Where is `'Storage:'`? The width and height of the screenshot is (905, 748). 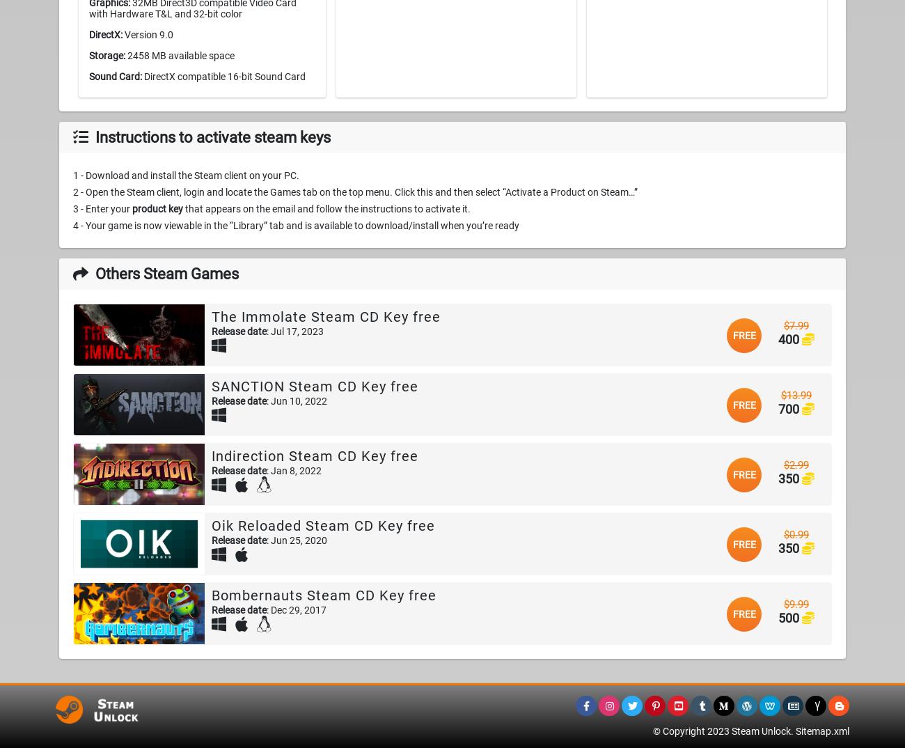
'Storage:' is located at coordinates (106, 56).